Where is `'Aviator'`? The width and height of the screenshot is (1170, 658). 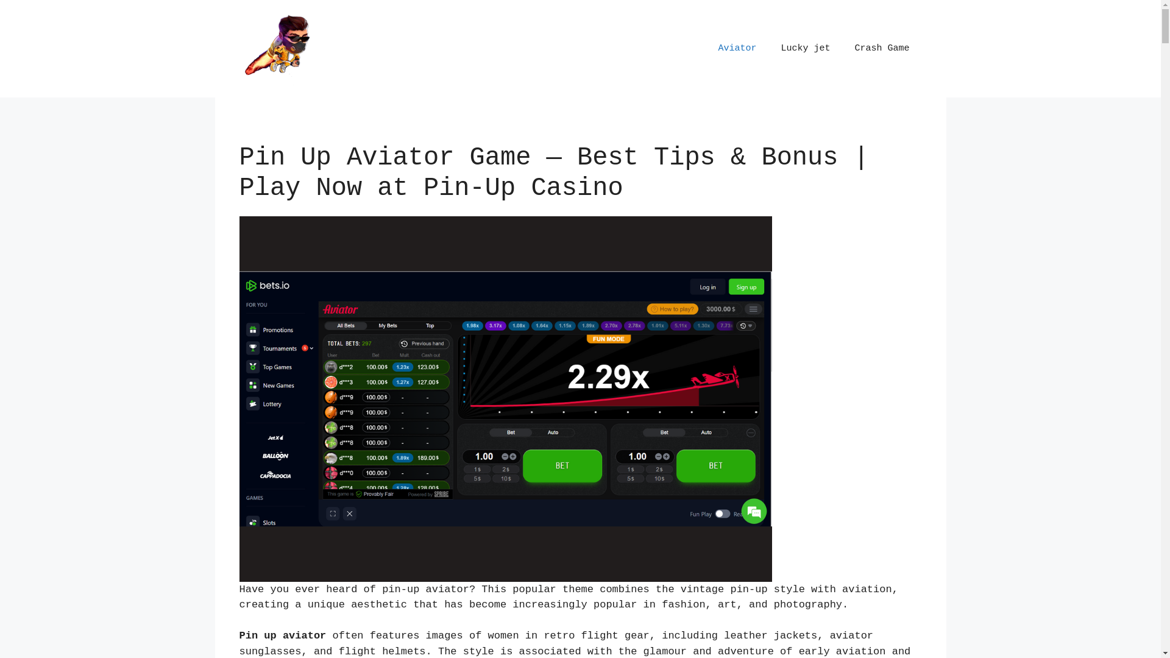
'Aviator' is located at coordinates (736, 48).